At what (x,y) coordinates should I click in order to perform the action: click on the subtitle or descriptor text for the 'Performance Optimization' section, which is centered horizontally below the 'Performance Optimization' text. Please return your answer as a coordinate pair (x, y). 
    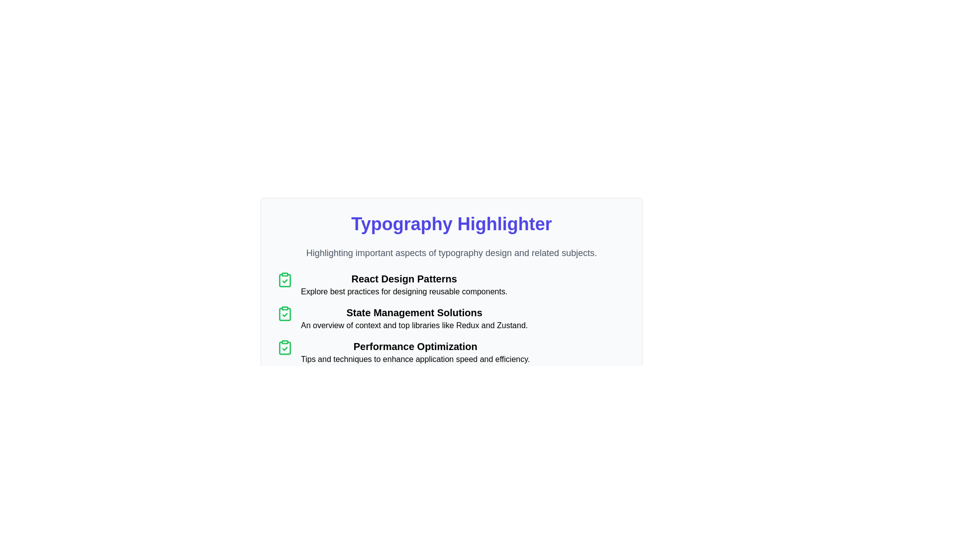
    Looking at the image, I should click on (415, 359).